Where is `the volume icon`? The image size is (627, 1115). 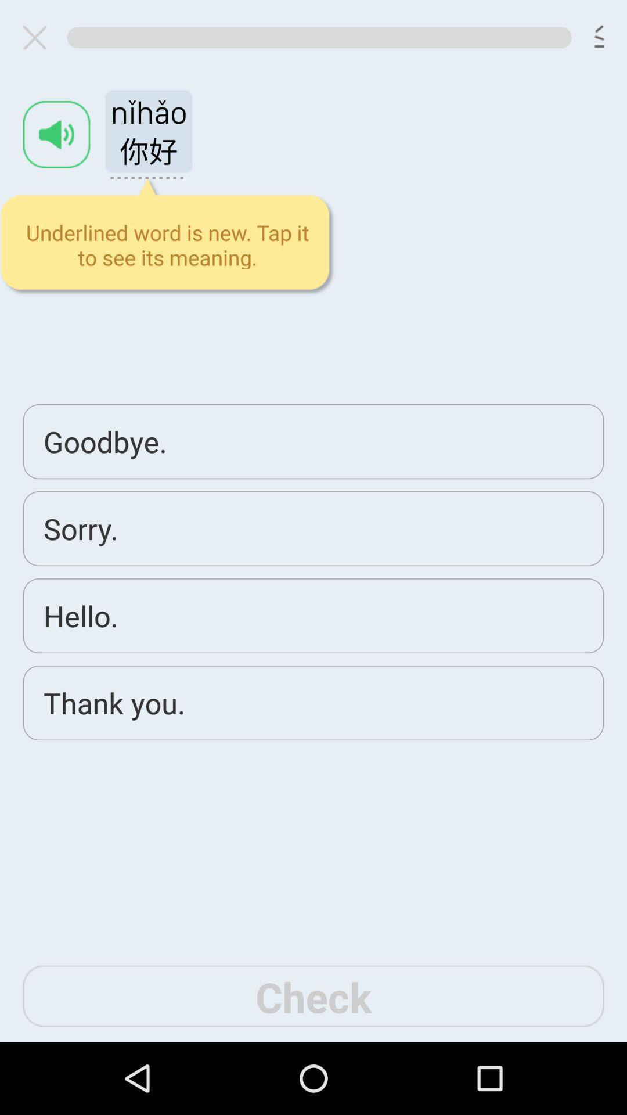 the volume icon is located at coordinates (56, 143).